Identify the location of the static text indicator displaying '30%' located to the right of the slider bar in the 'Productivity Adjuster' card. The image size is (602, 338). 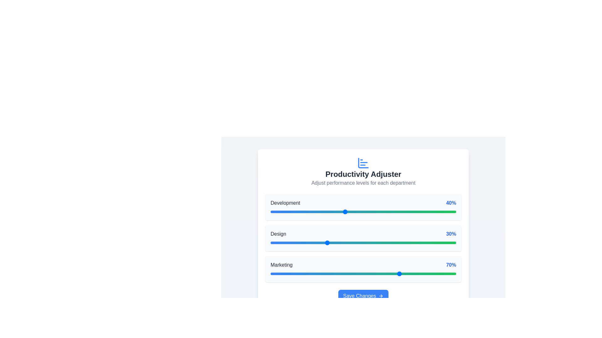
(451, 234).